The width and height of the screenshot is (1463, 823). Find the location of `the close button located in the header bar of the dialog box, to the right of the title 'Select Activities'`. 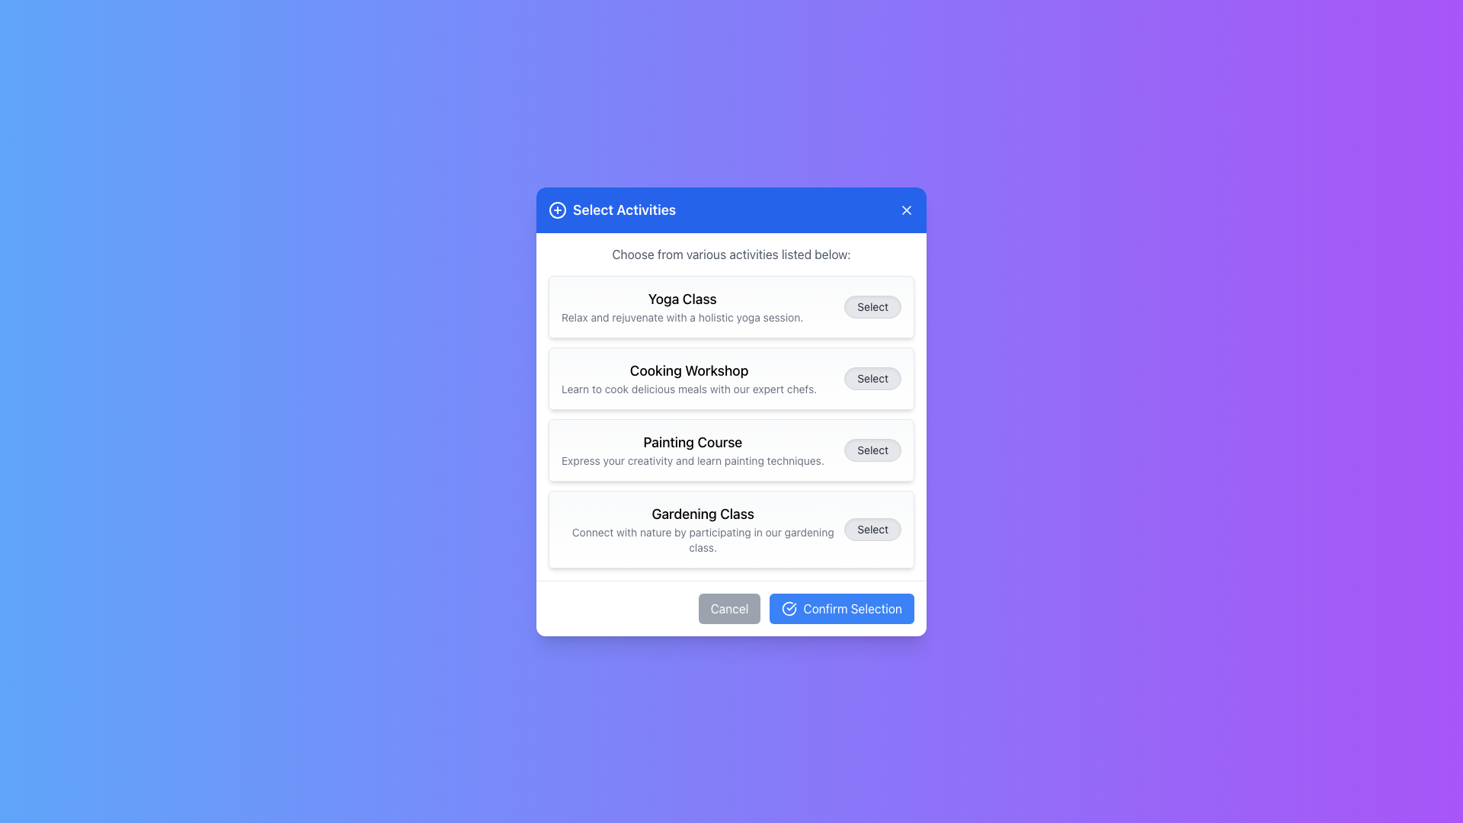

the close button located in the header bar of the dialog box, to the right of the title 'Select Activities' is located at coordinates (907, 209).